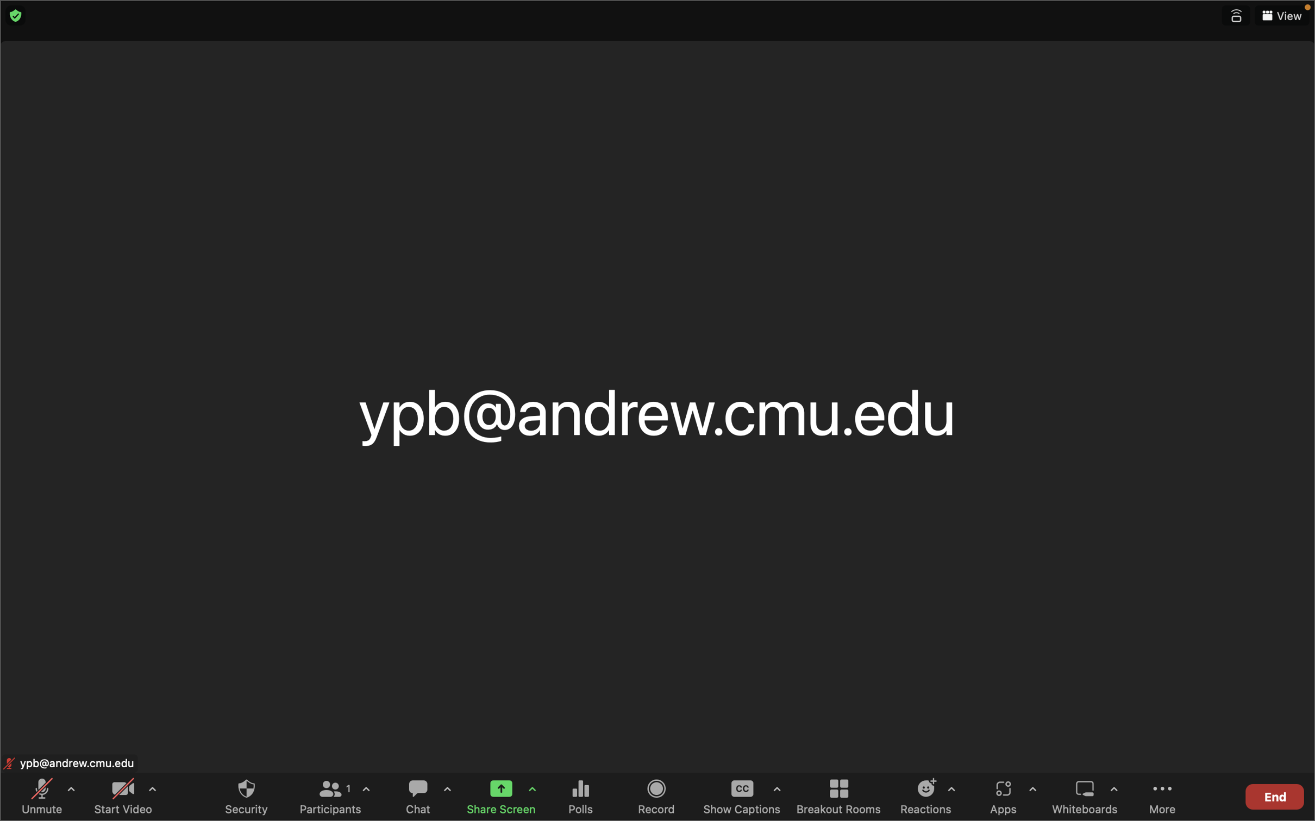 The width and height of the screenshot is (1315, 821). I want to click on Start the meeting recording, so click(657, 795).